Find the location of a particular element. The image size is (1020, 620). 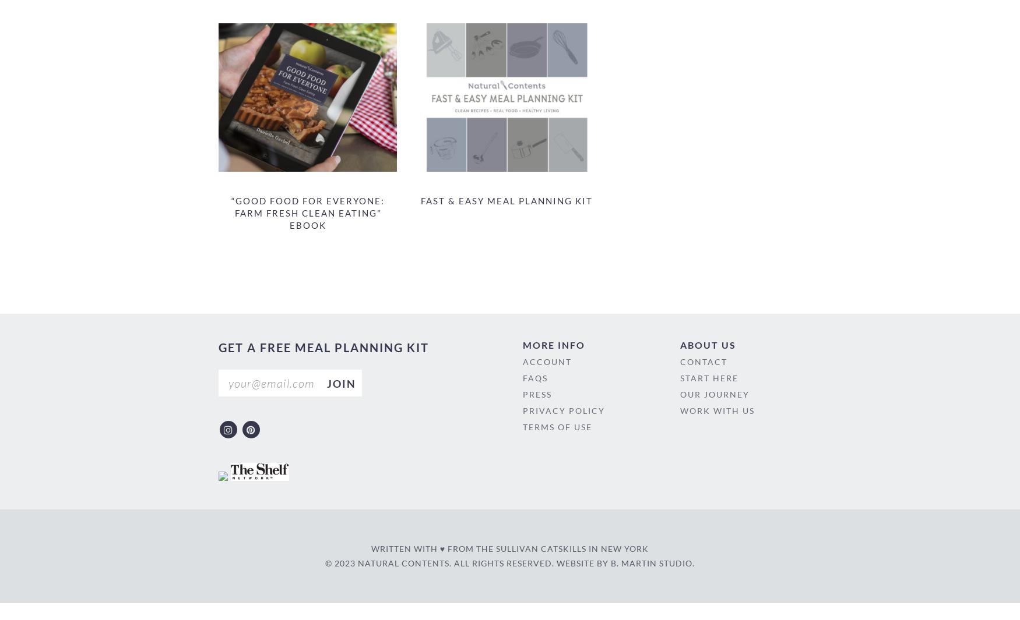

'.' is located at coordinates (692, 563).